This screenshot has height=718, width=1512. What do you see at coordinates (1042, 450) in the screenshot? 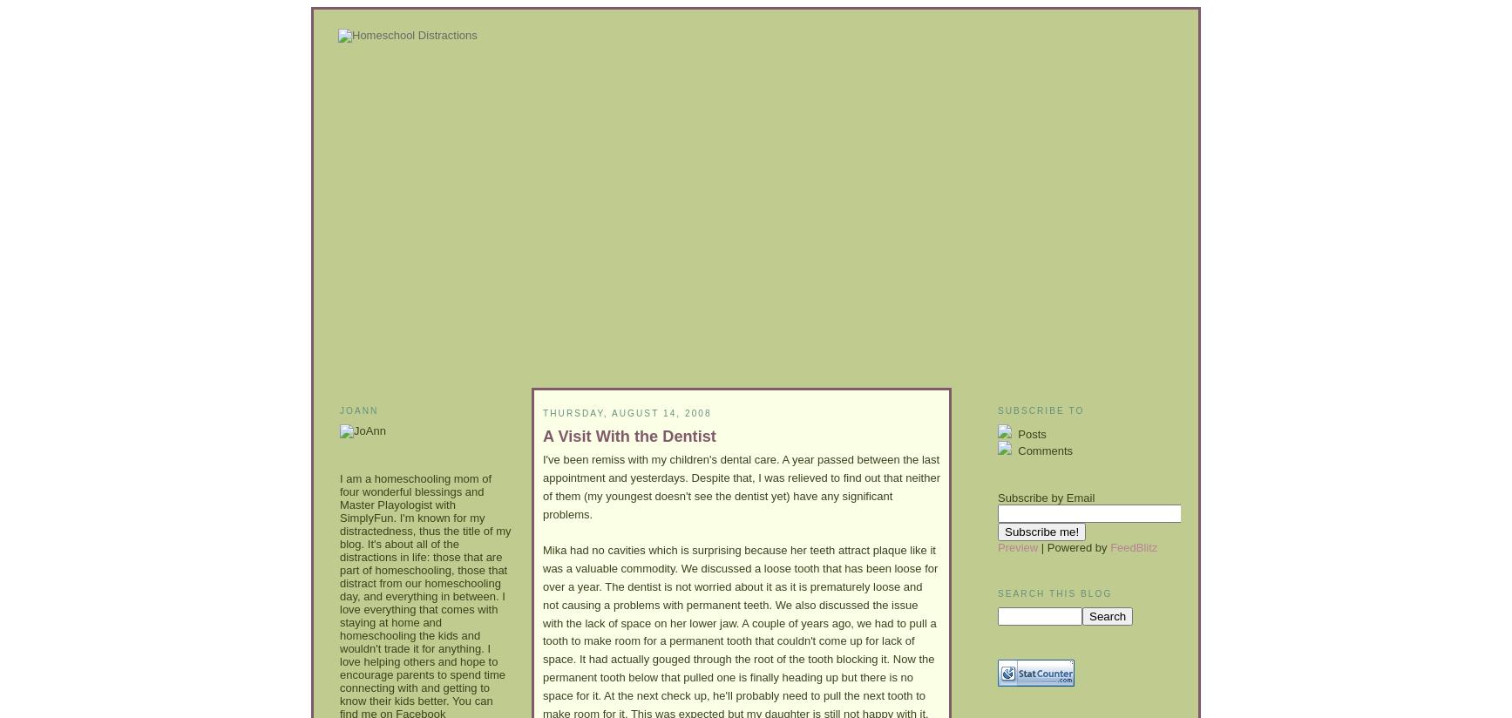
I see `'Comments'` at bounding box center [1042, 450].